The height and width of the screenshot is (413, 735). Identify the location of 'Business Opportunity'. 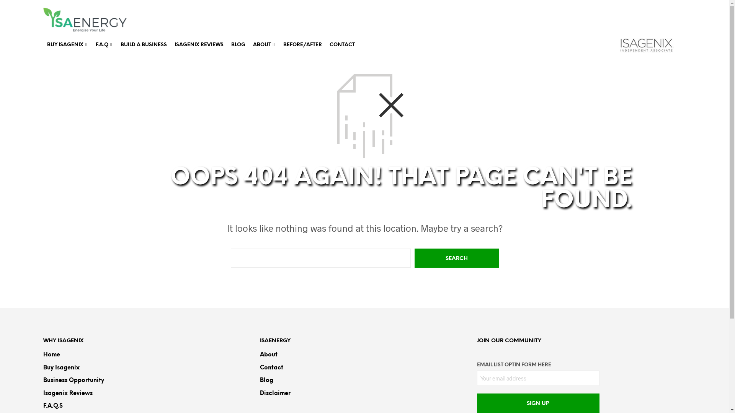
(73, 380).